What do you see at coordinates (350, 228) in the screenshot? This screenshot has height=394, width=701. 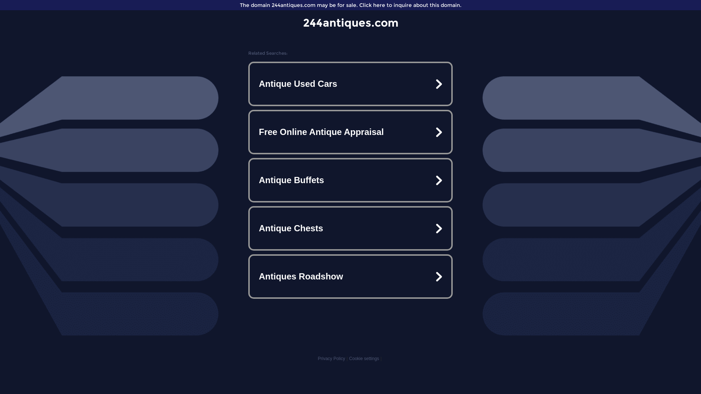 I see `'Antique Chests'` at bounding box center [350, 228].